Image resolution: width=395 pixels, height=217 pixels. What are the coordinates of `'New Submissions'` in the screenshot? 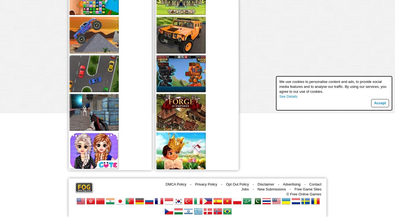 It's located at (271, 189).